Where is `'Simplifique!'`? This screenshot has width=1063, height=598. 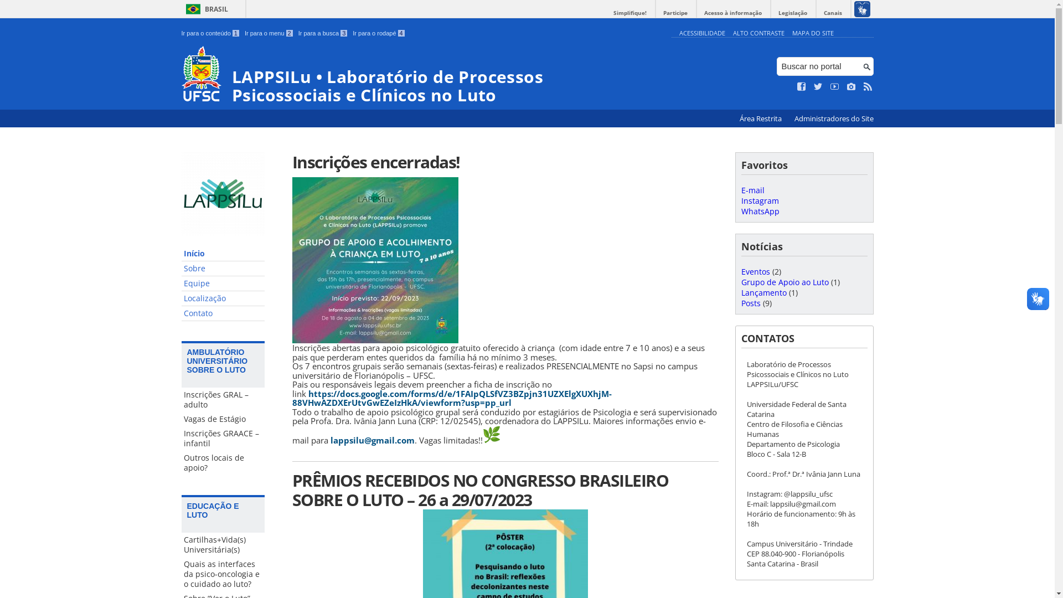 'Simplifique!' is located at coordinates (629, 13).